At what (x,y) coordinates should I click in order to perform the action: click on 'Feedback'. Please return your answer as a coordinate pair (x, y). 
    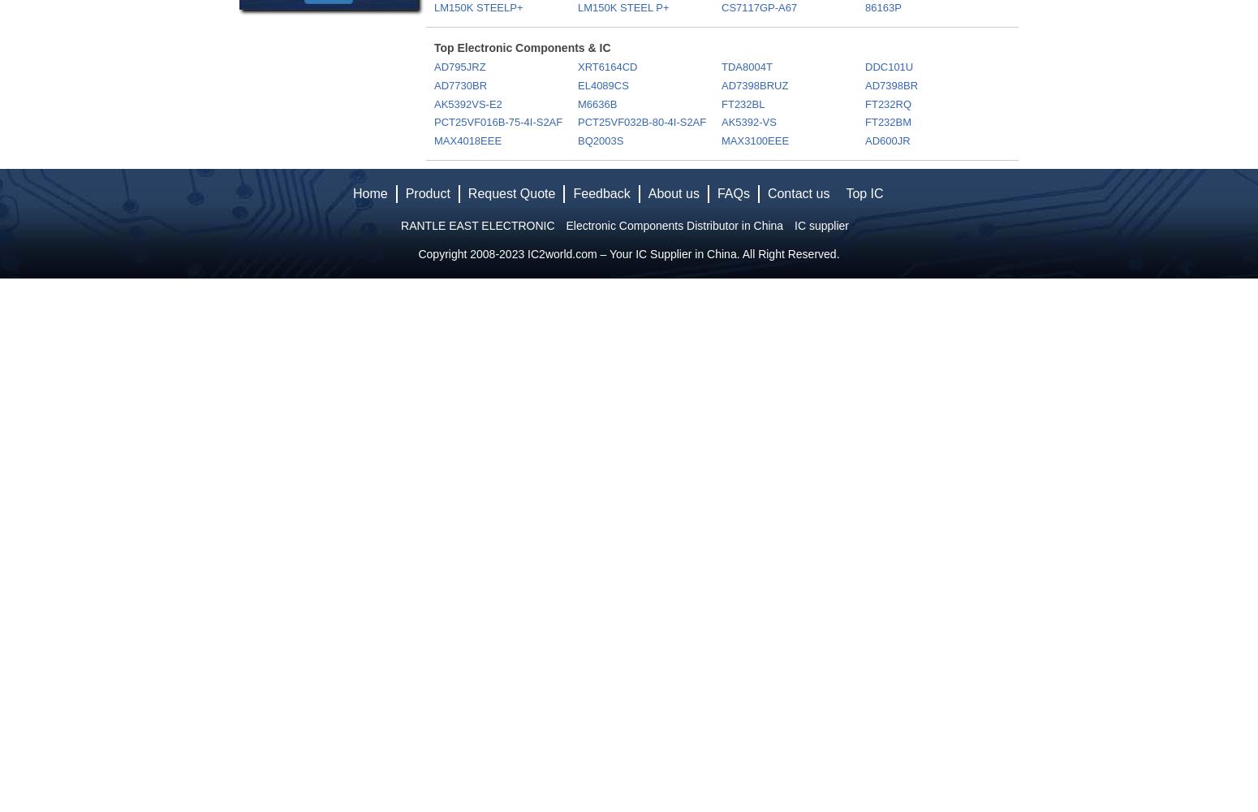
    Looking at the image, I should click on (573, 192).